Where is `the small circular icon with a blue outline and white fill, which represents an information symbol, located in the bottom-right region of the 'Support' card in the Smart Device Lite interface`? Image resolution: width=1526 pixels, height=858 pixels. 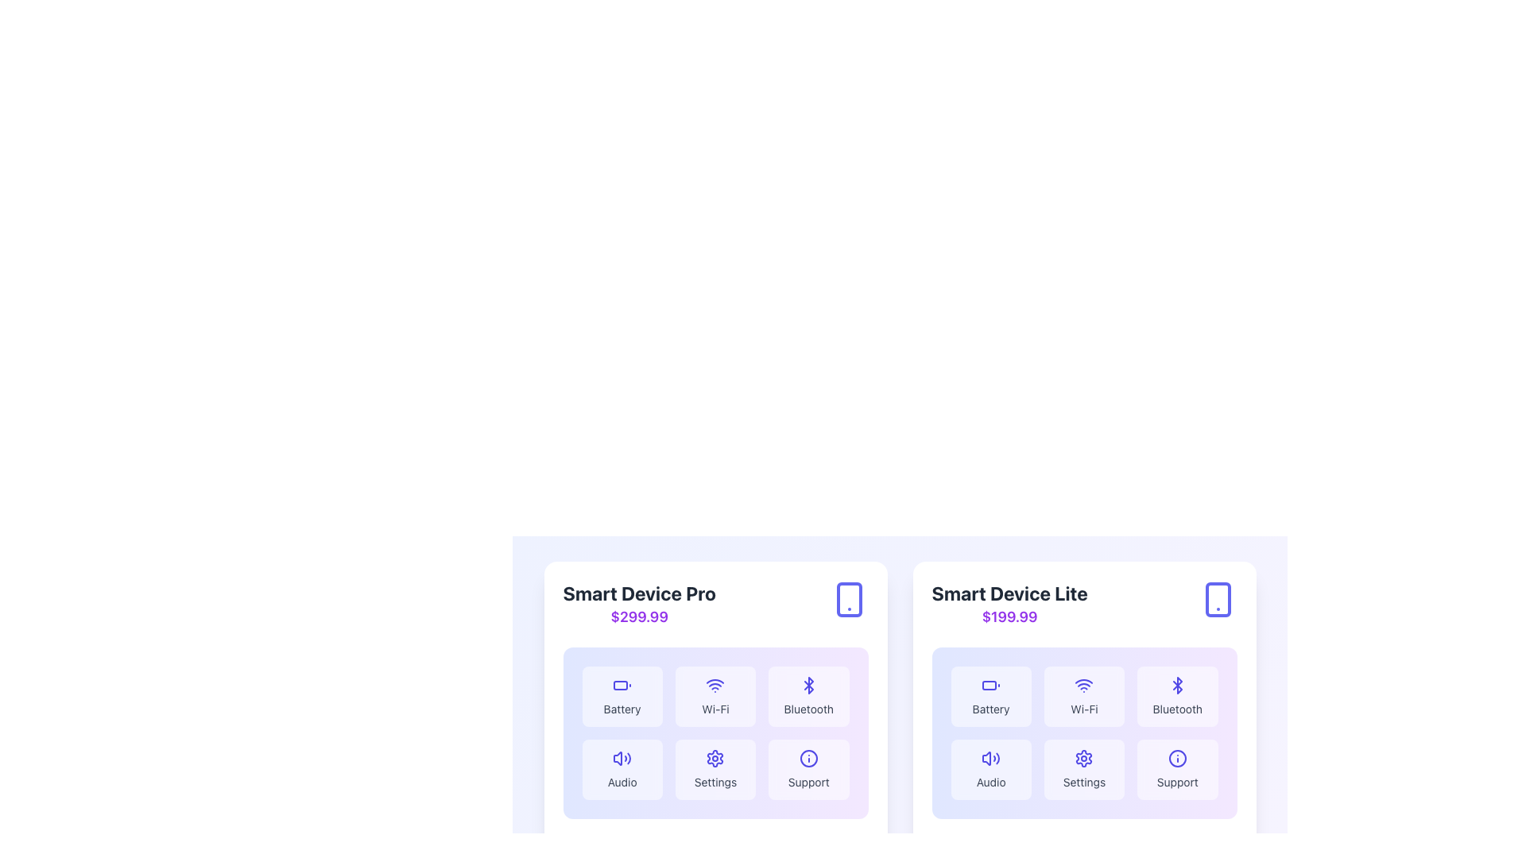
the small circular icon with a blue outline and white fill, which represents an information symbol, located in the bottom-right region of the 'Support' card in the Smart Device Lite interface is located at coordinates (1177, 758).